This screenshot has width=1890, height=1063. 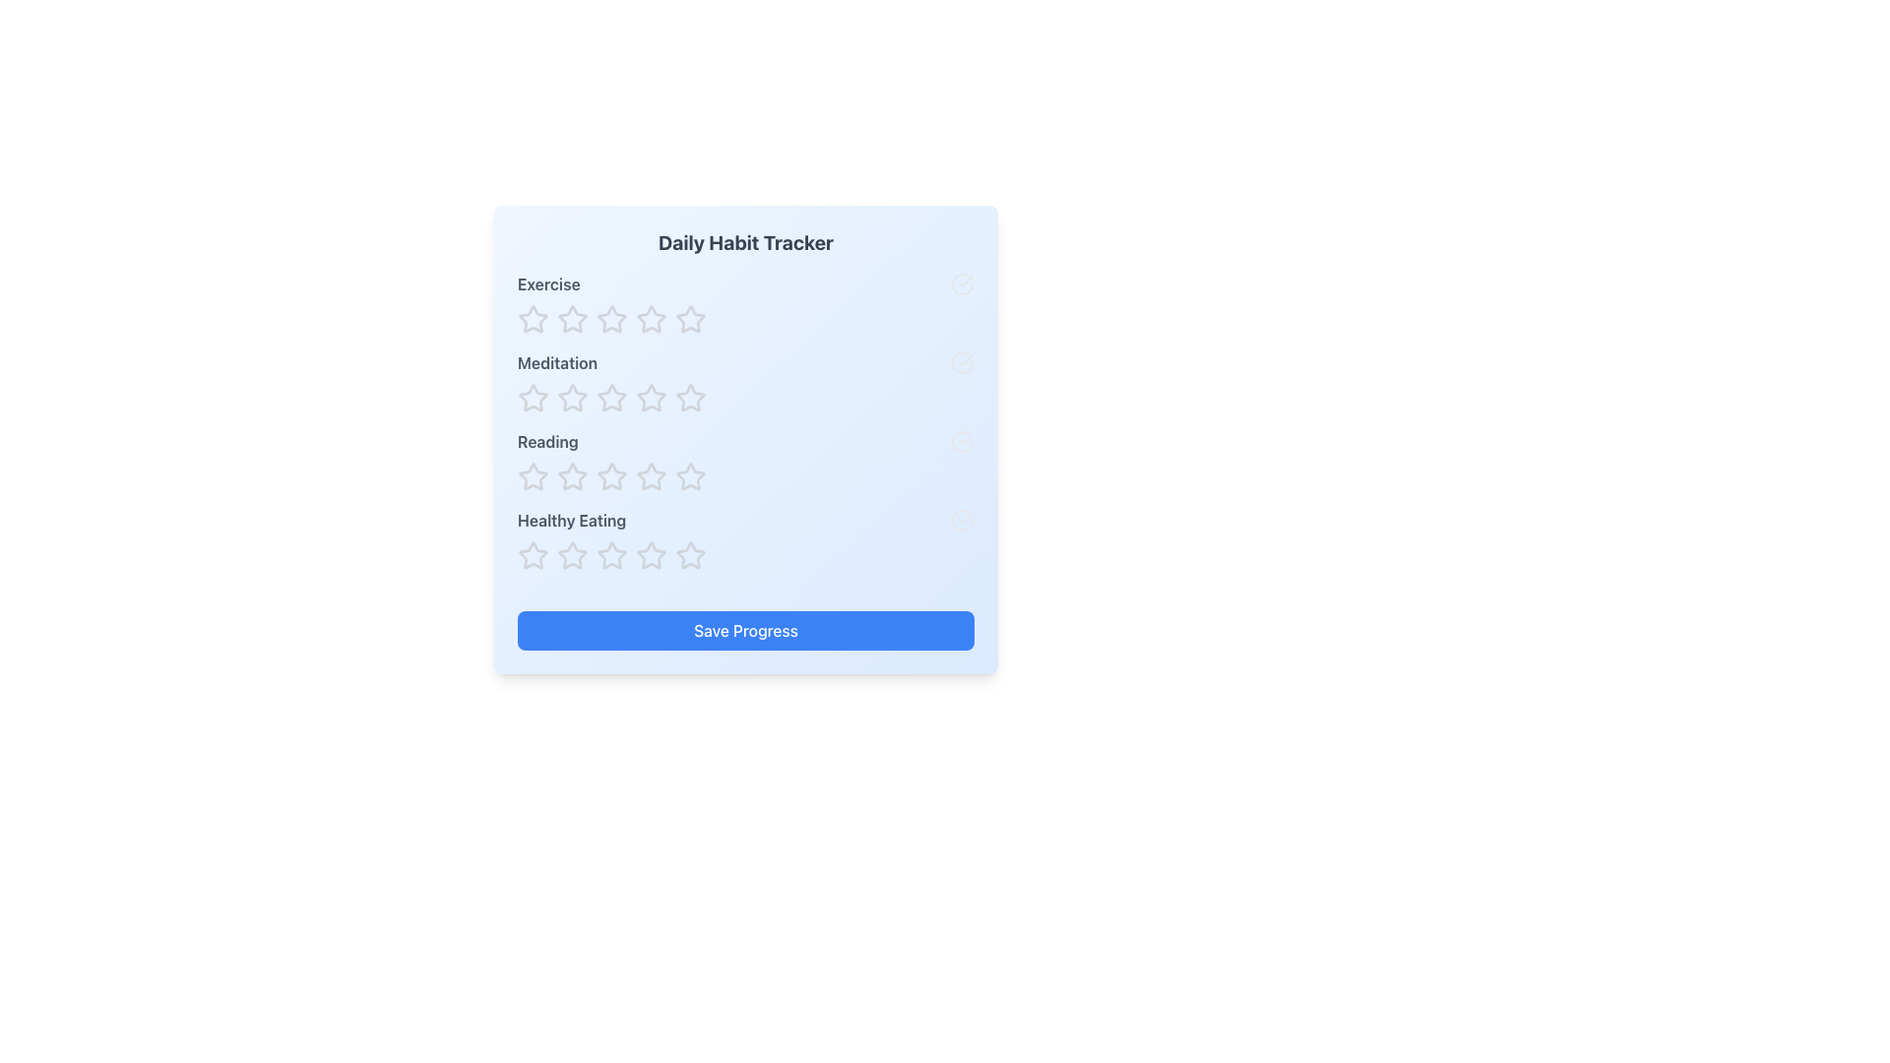 What do you see at coordinates (652, 555) in the screenshot?
I see `the fifth star in the row of stars under the 'Healthy Eating' category in the 'Daily Habit Tracker' section` at bounding box center [652, 555].